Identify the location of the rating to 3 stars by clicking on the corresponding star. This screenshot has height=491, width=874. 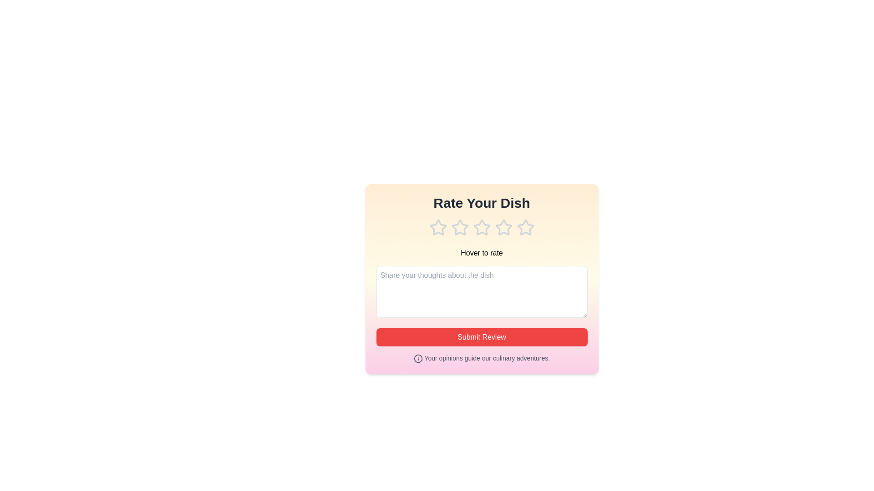
(481, 227).